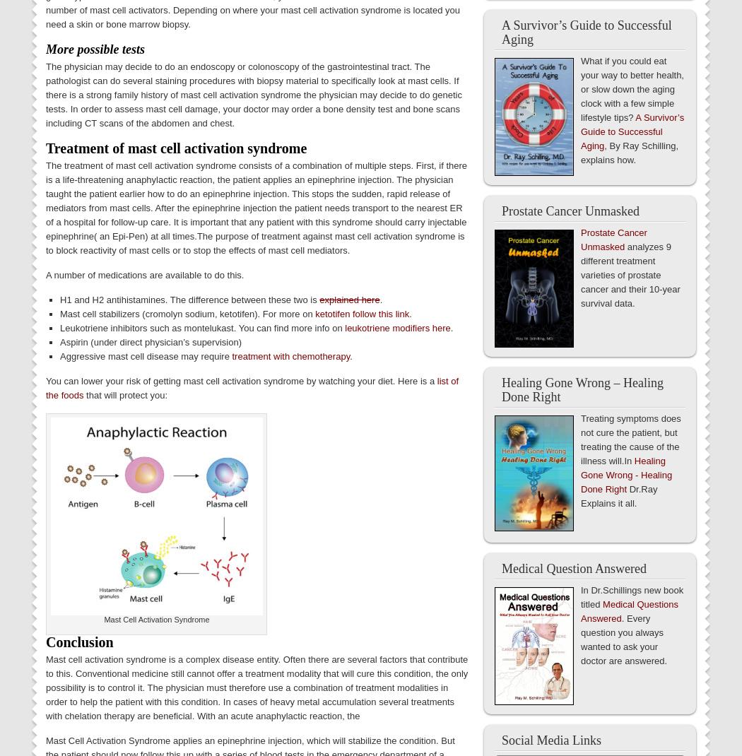 This screenshot has width=742, height=756. What do you see at coordinates (145, 355) in the screenshot?
I see `'Aggressive mast cell disease may require'` at bounding box center [145, 355].